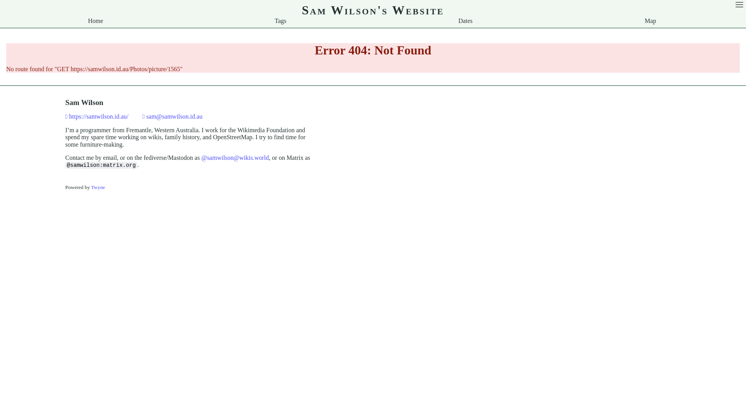 The height and width of the screenshot is (420, 746). Describe the element at coordinates (465, 20) in the screenshot. I see `'Dates'` at that location.